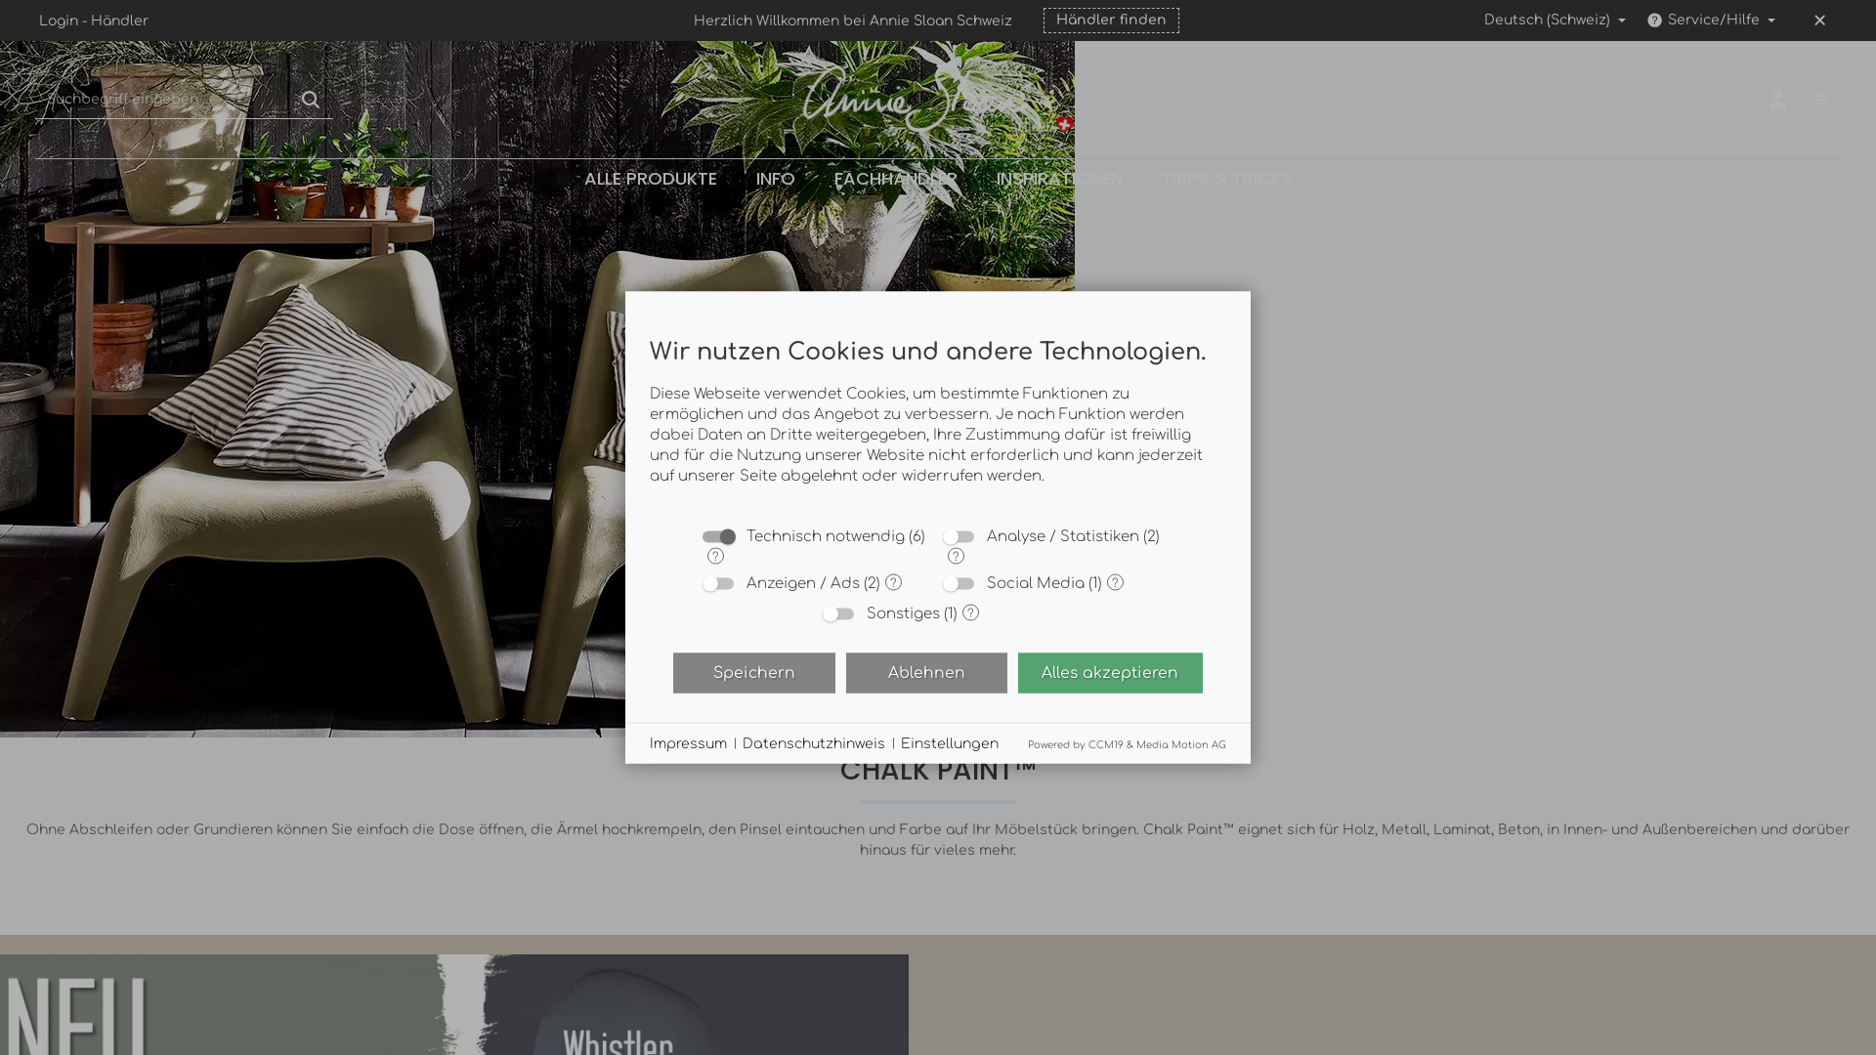  Describe the element at coordinates (735, 178) in the screenshot. I see `'INFO'` at that location.